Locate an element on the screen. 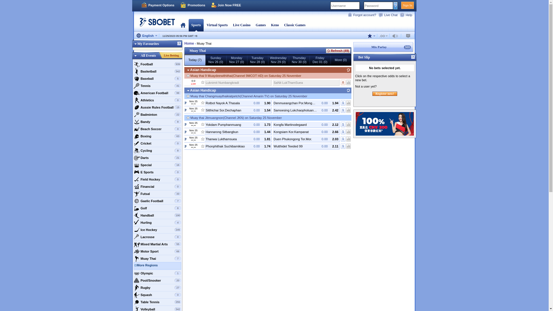 Image resolution: width=553 pixels, height=311 pixels. 'Virtual Sports' is located at coordinates (206, 25).